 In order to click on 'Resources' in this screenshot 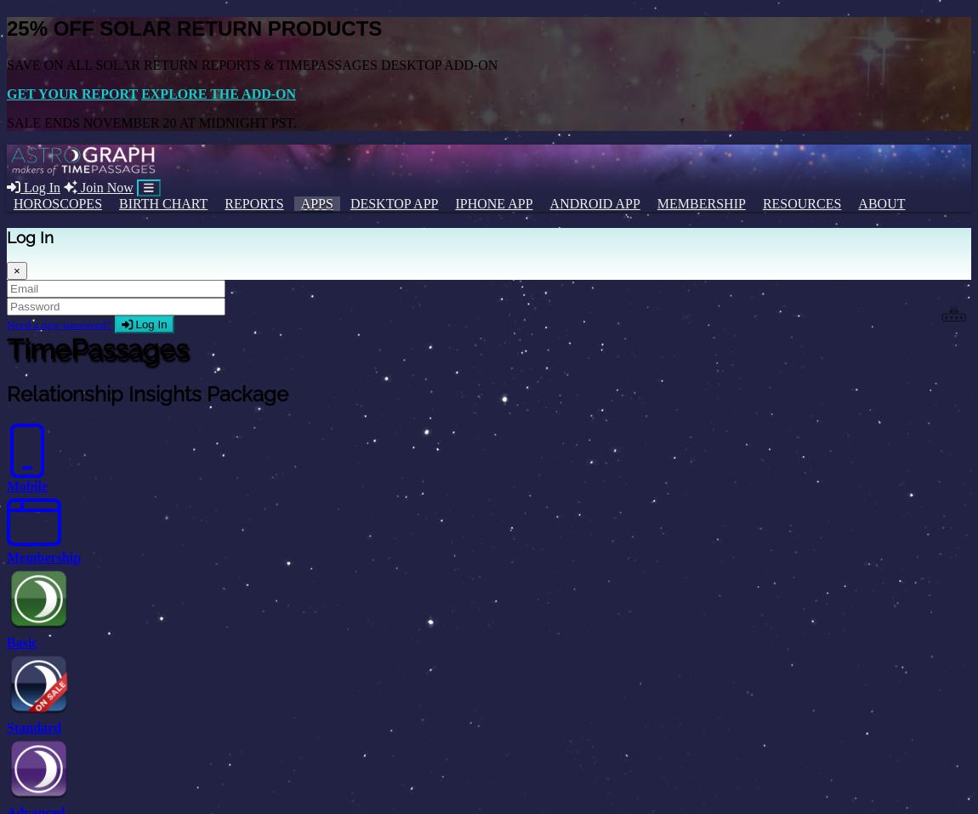, I will do `click(801, 202)`.